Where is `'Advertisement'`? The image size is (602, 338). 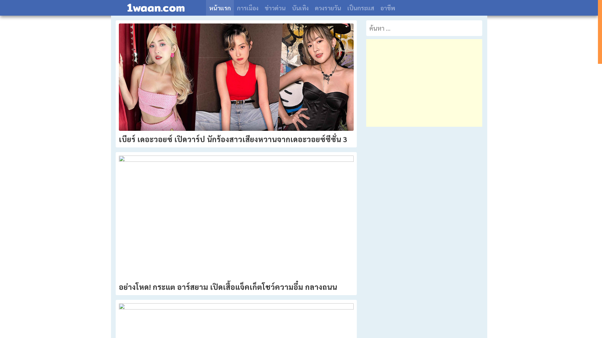
'Advertisement' is located at coordinates (424, 83).